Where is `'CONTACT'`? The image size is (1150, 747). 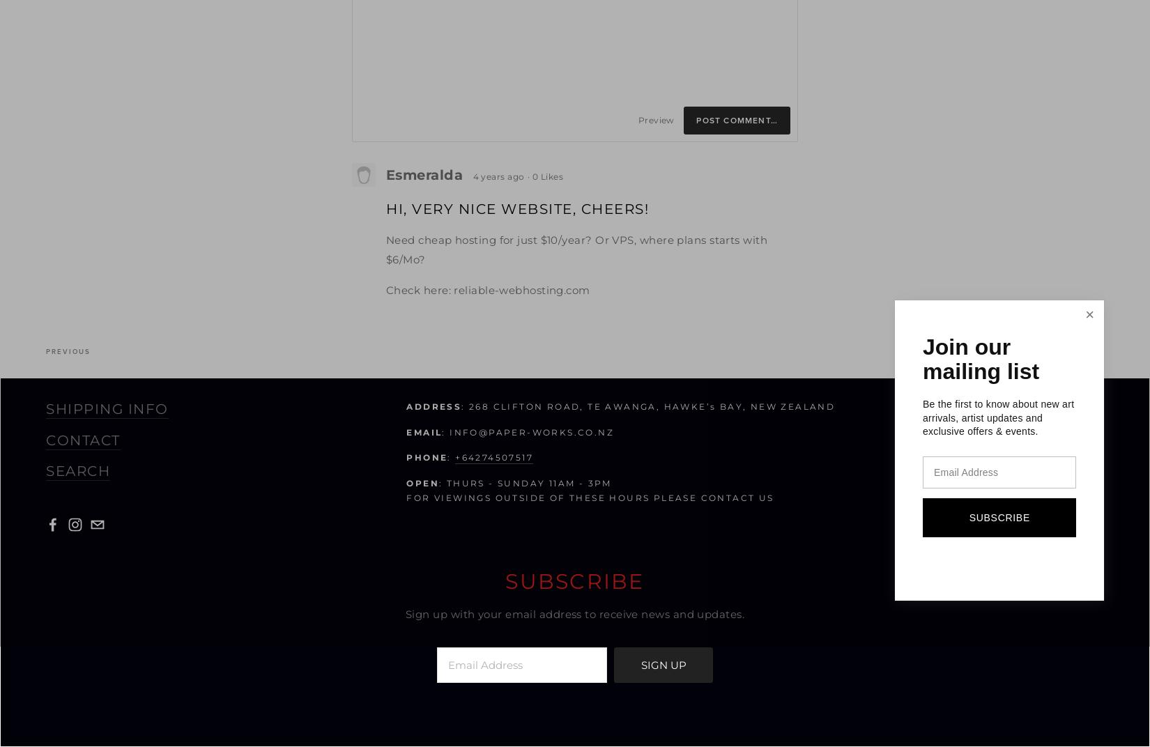 'CONTACT' is located at coordinates (82, 439).